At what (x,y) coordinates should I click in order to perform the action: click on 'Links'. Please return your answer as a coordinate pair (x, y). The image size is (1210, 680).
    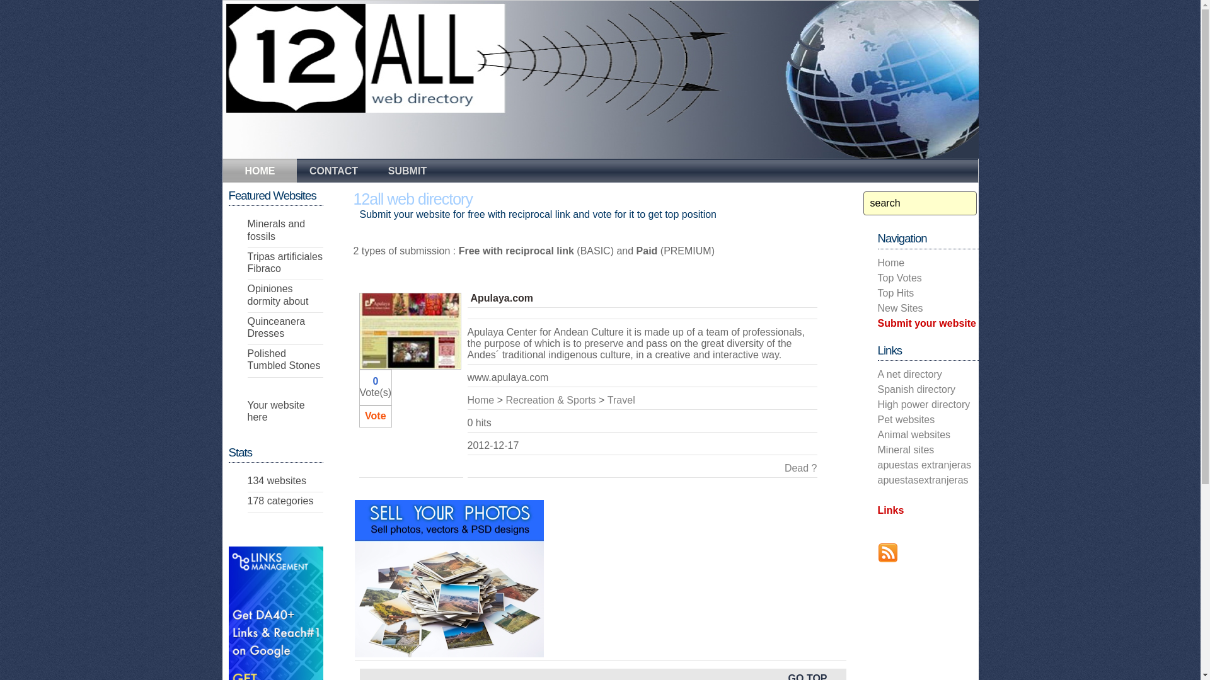
    Looking at the image, I should click on (889, 510).